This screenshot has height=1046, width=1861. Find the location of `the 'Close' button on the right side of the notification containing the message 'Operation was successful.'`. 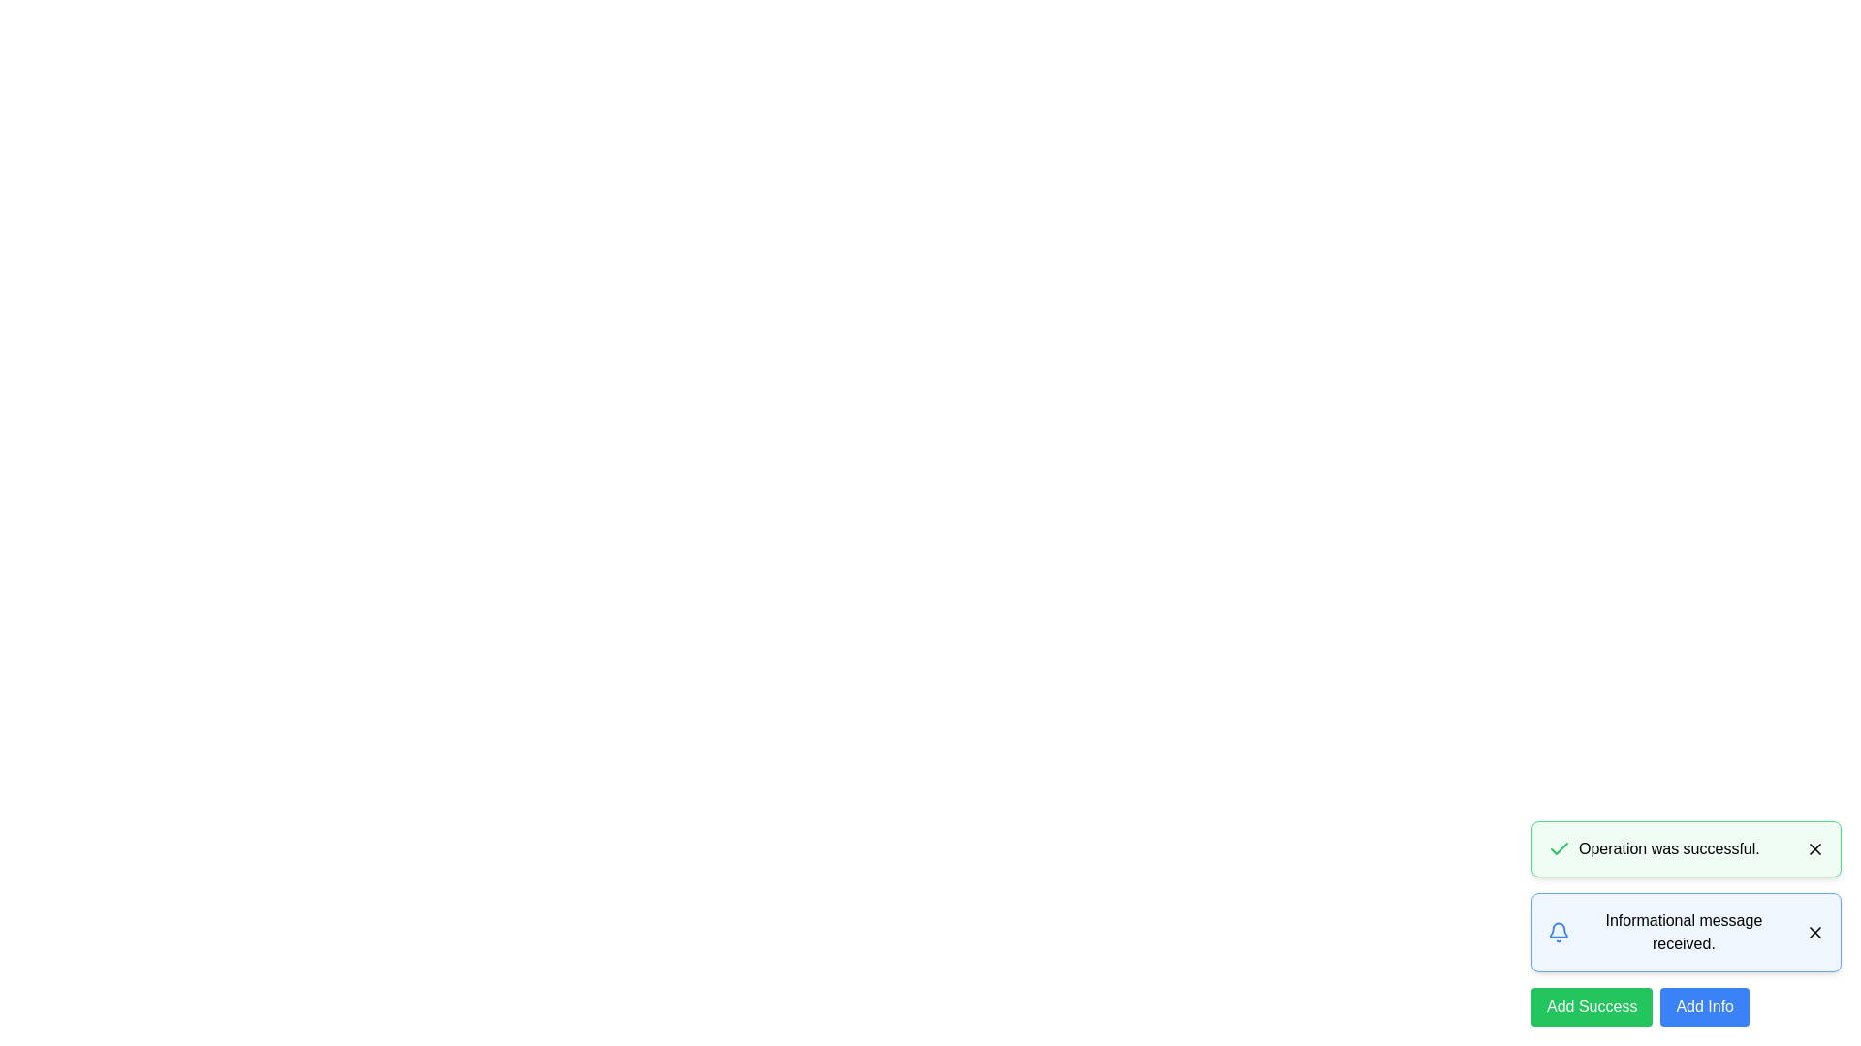

the 'Close' button on the right side of the notification containing the message 'Operation was successful.' is located at coordinates (1814, 847).